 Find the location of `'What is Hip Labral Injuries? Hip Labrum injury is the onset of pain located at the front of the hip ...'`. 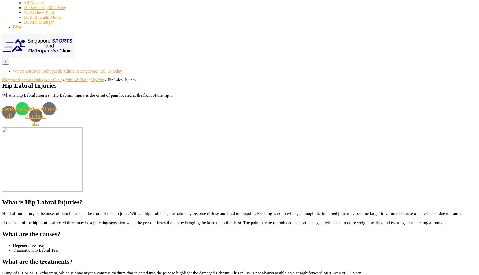

'What is Hip Labral Injuries? Hip Labrum injury is the onset of pain located at the front of the hip ...' is located at coordinates (2, 95).